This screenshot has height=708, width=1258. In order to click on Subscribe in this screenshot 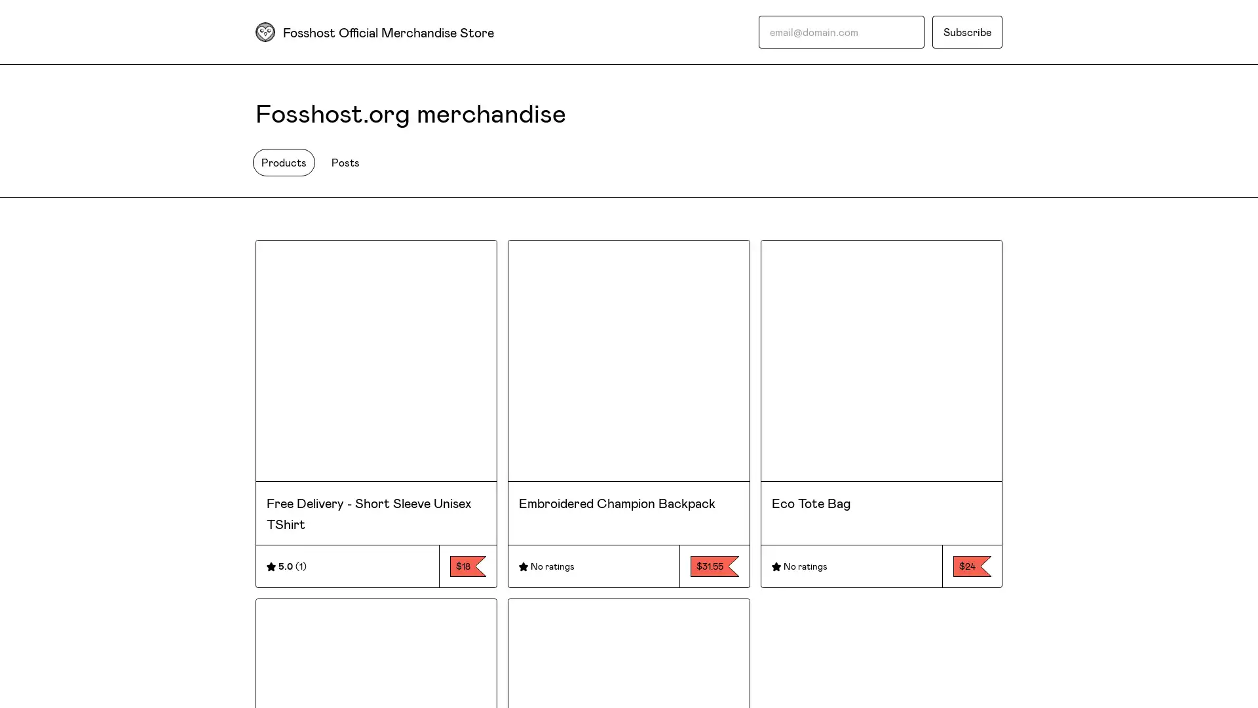, I will do `click(967, 31)`.